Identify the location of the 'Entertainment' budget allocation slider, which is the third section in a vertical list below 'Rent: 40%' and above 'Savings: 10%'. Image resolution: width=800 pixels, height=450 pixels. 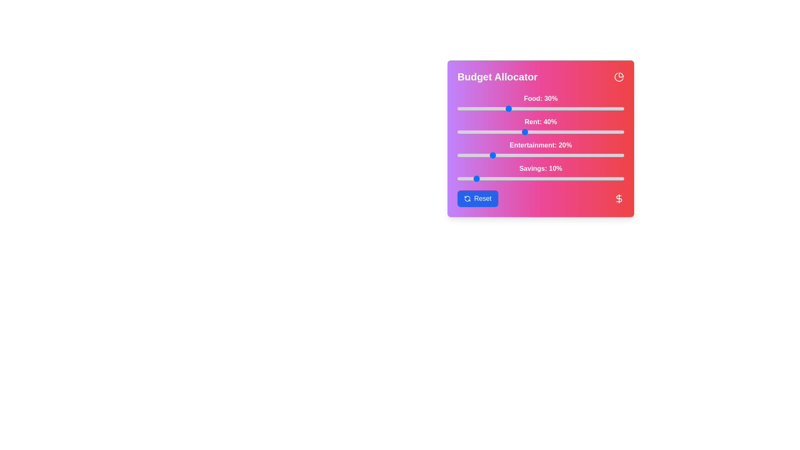
(540, 148).